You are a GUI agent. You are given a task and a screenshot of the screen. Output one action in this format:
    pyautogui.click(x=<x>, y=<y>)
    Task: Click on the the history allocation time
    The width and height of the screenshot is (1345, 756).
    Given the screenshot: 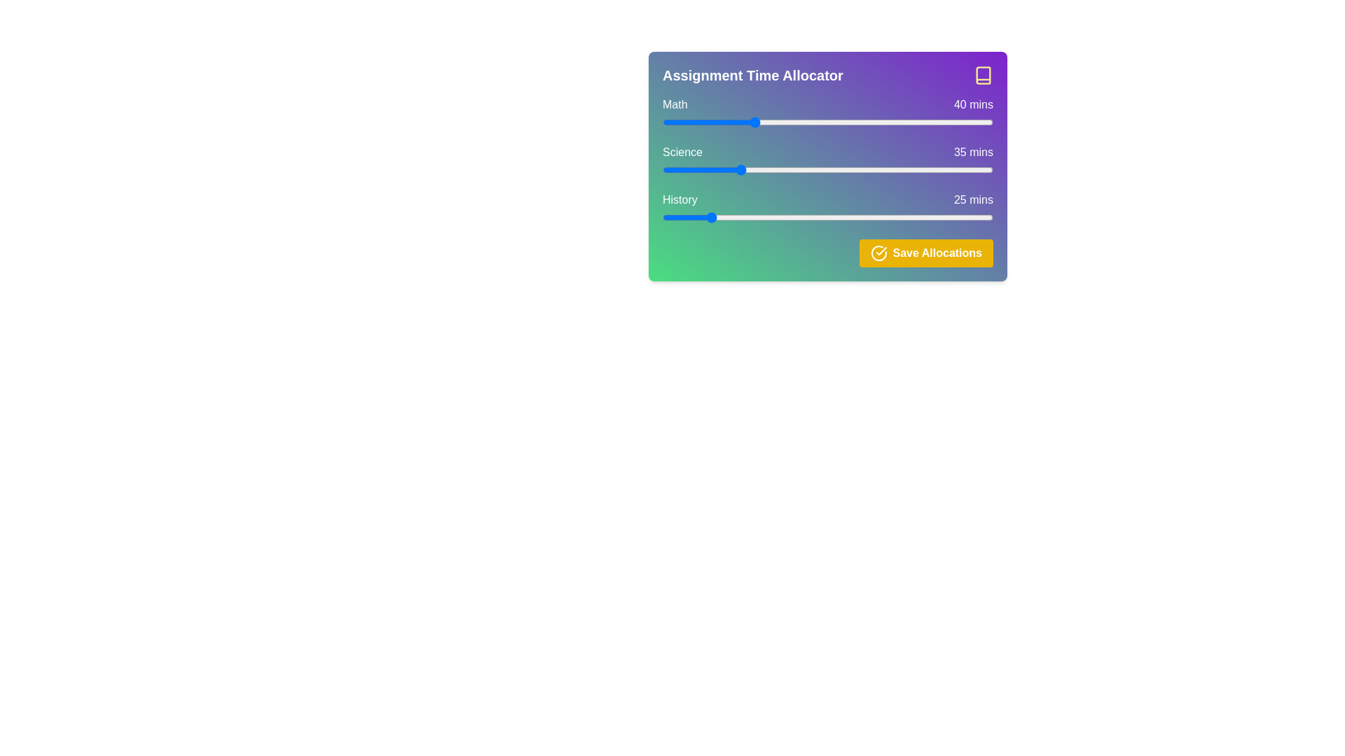 What is the action you would take?
    pyautogui.click(x=842, y=218)
    